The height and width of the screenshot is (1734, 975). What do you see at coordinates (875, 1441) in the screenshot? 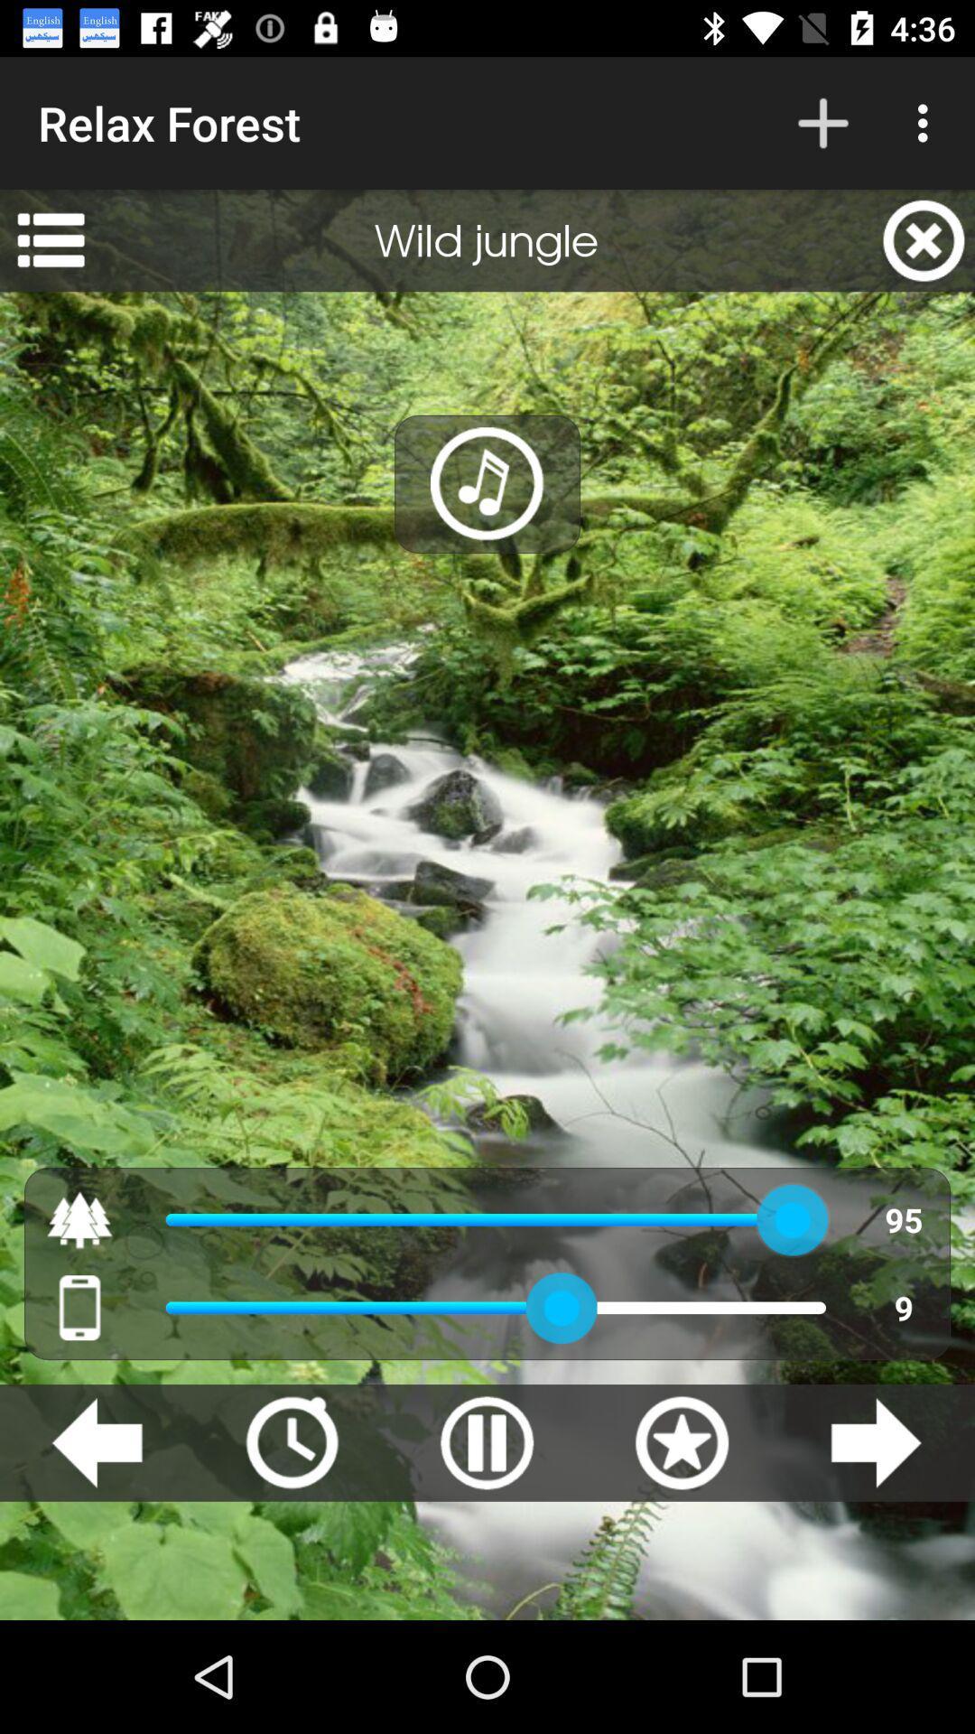
I see `the arrow_forward icon` at bounding box center [875, 1441].